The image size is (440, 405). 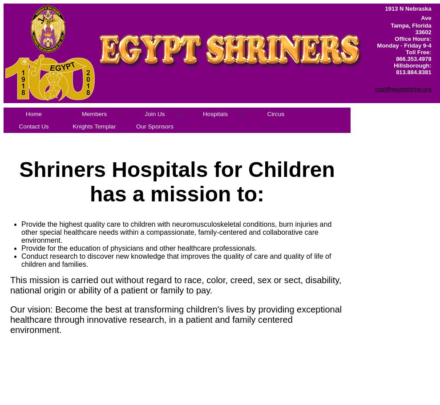 I want to click on 'Office Hours: Monday - Friday 9-4', so click(x=376, y=42).